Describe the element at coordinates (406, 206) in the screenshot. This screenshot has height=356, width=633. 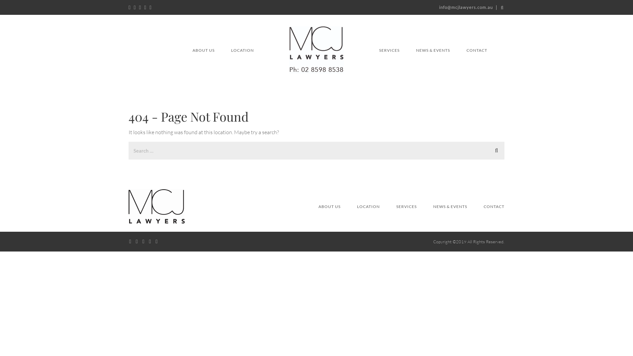
I see `'SERVICES'` at that location.